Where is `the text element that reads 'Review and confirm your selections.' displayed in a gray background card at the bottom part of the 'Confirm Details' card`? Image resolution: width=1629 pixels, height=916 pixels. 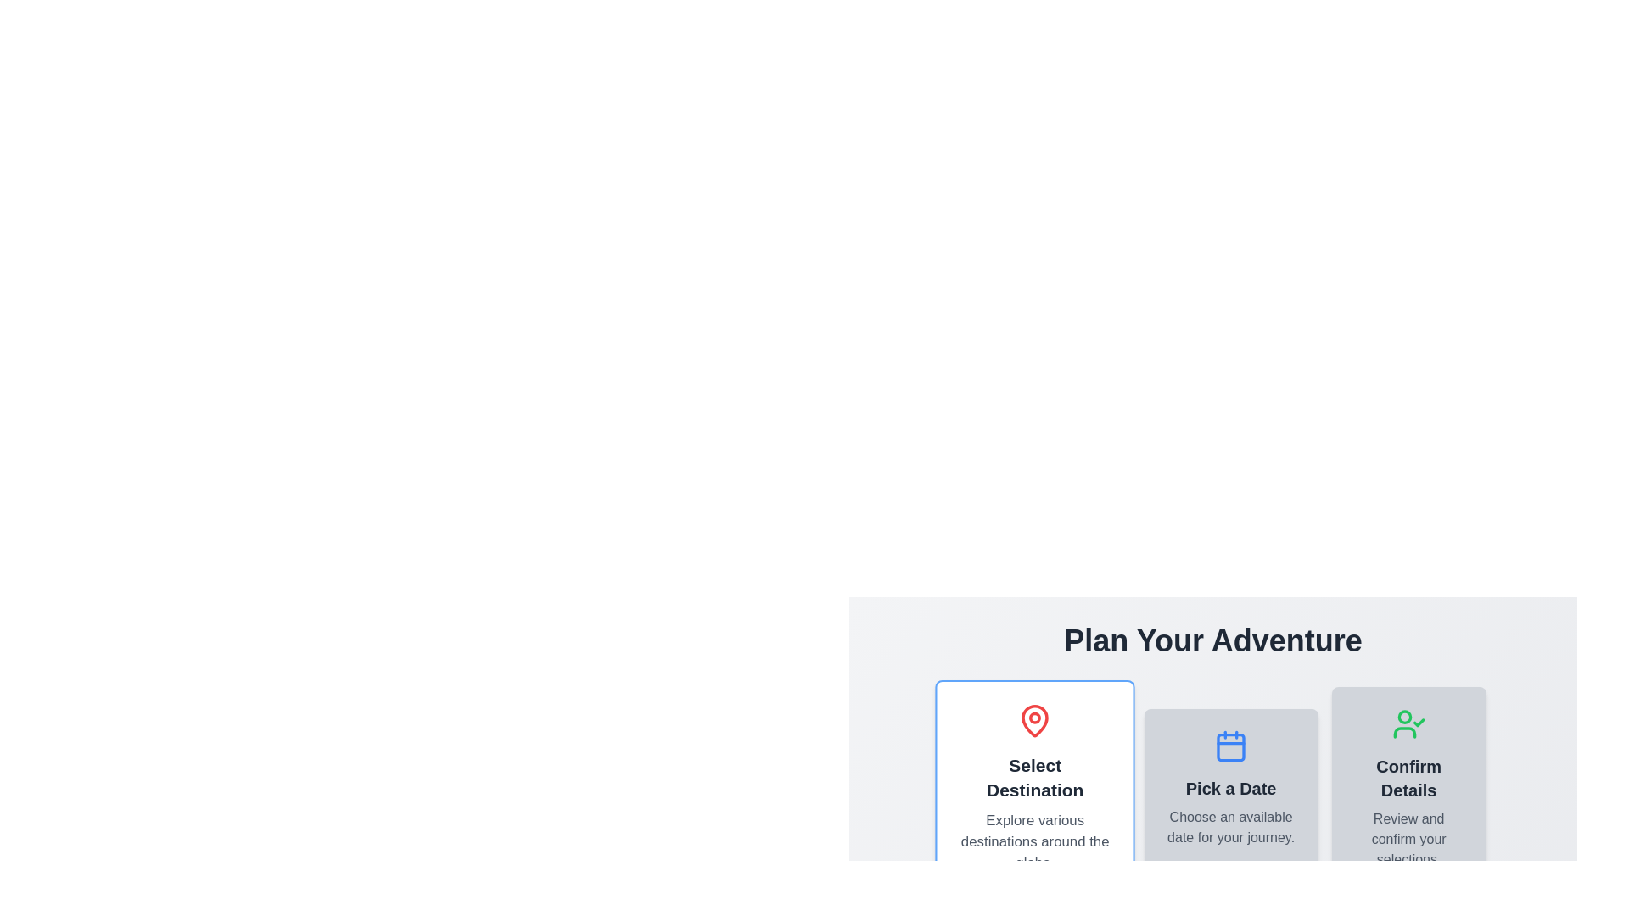
the text element that reads 'Review and confirm your selections.' displayed in a gray background card at the bottom part of the 'Confirm Details' card is located at coordinates (1408, 840).